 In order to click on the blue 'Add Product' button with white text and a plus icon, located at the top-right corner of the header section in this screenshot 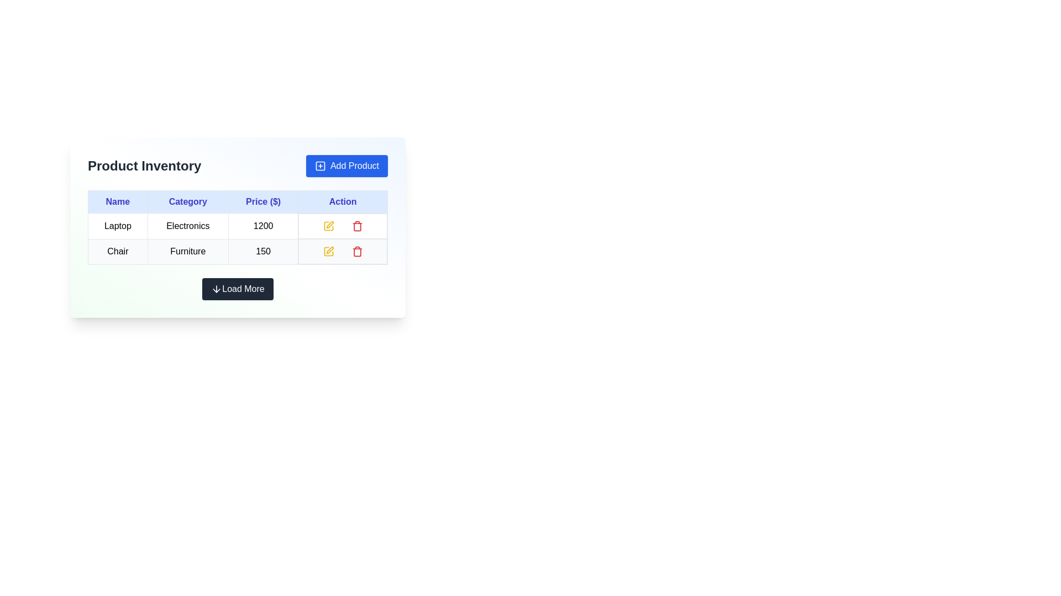, I will do `click(346, 166)`.